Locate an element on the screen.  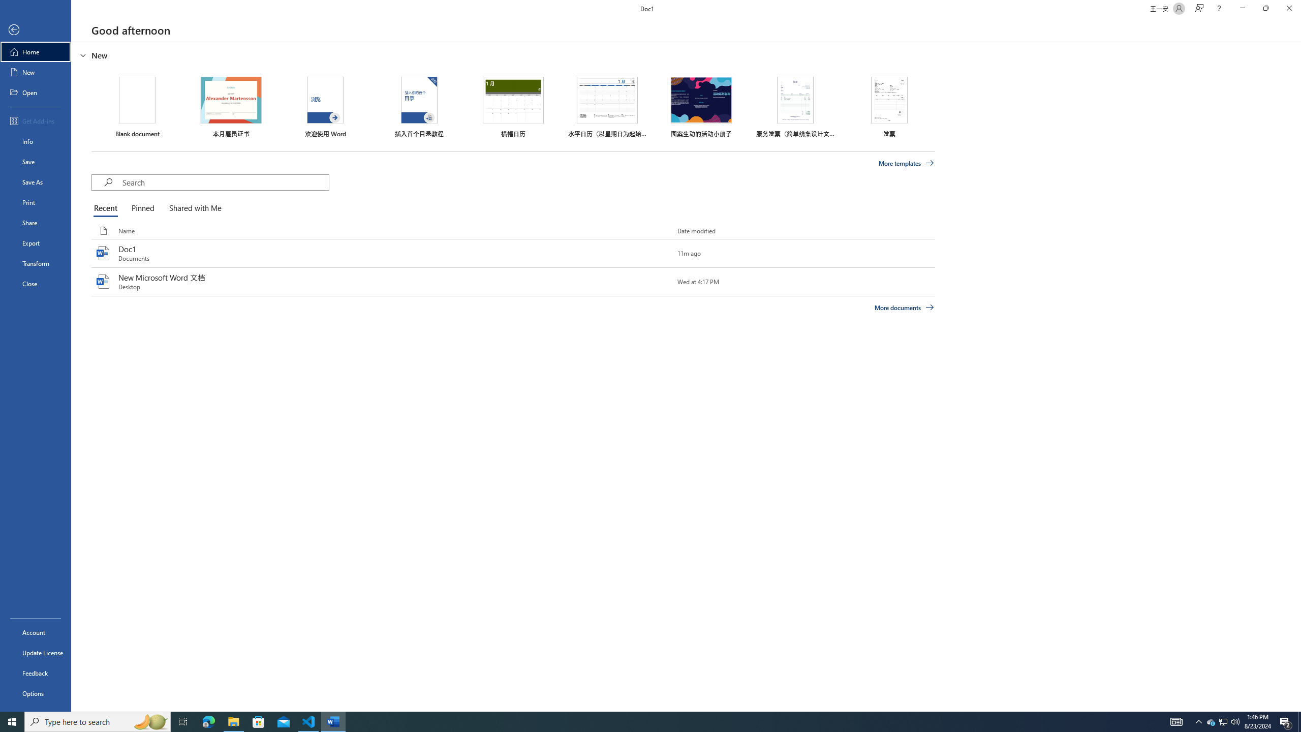
'Update License' is located at coordinates (35, 652).